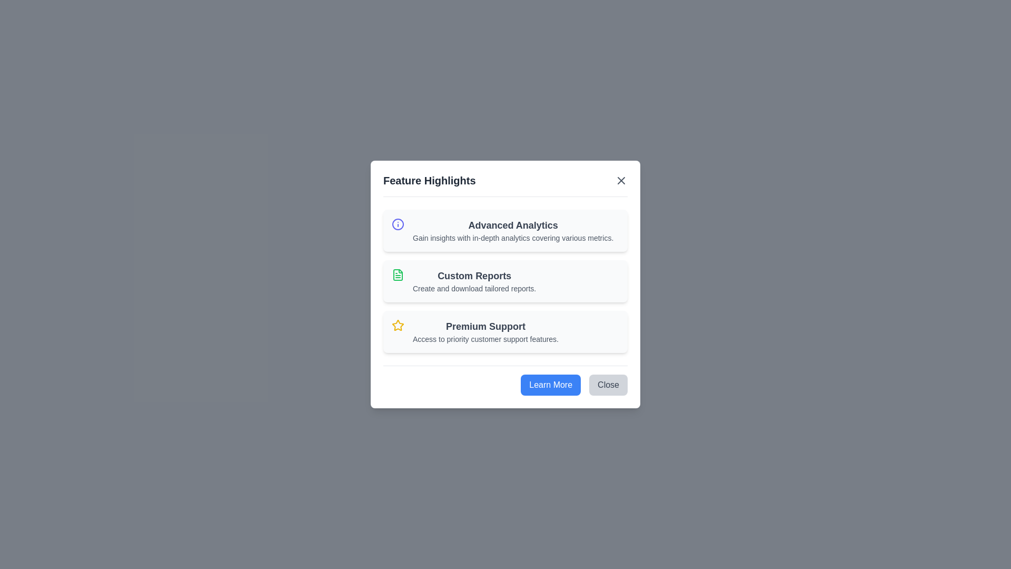 This screenshot has width=1011, height=569. I want to click on the 'Premium Support' text label, which is bold and larger than surrounding text, located in the center of the modal view above its description, so click(485, 326).